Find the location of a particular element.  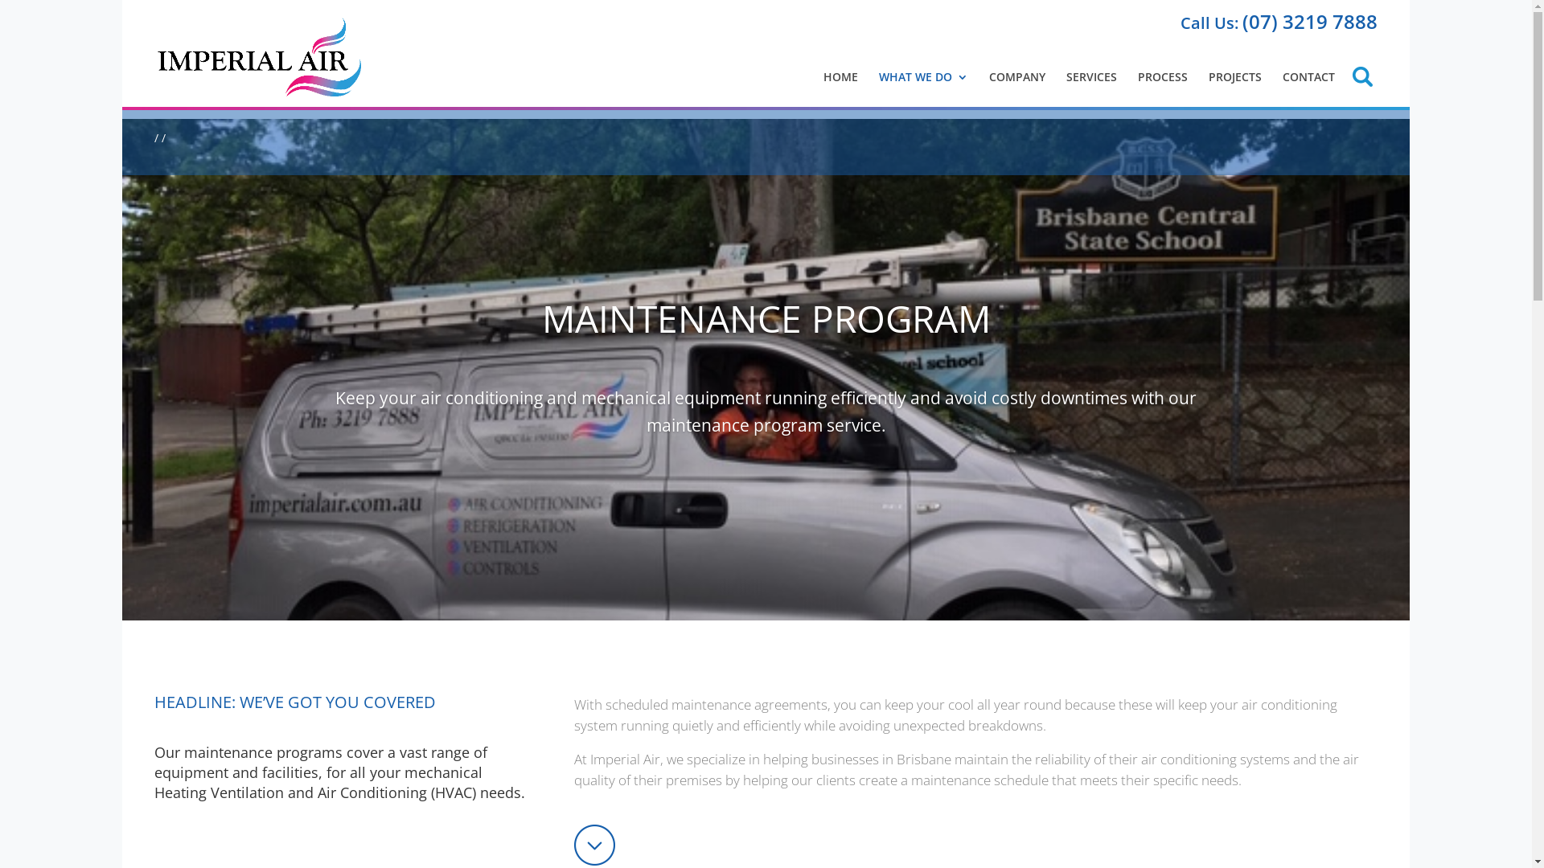

'WHAT WE DO' is located at coordinates (878, 77).